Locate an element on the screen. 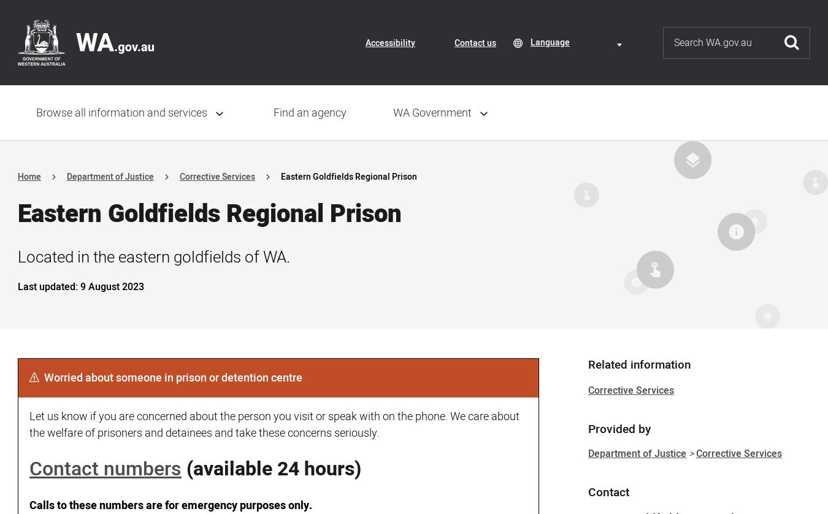 The height and width of the screenshot is (514, 828). '(available 24 hours)' is located at coordinates (186, 468).